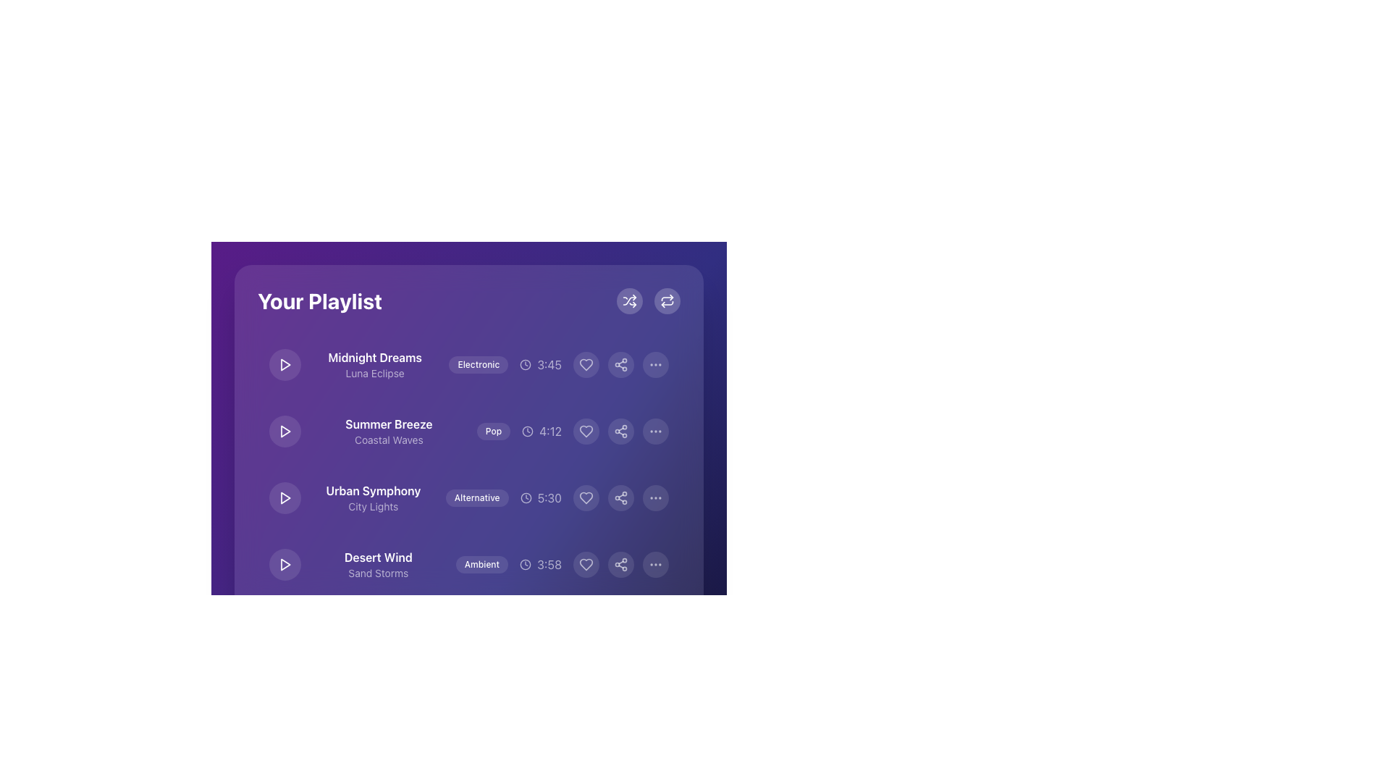  What do you see at coordinates (540, 563) in the screenshot?
I see `the text label displaying the duration of the track, located on the fourth row of the playlist section, to the right of the text 'Ambient' and preceded by a clock icon` at bounding box center [540, 563].